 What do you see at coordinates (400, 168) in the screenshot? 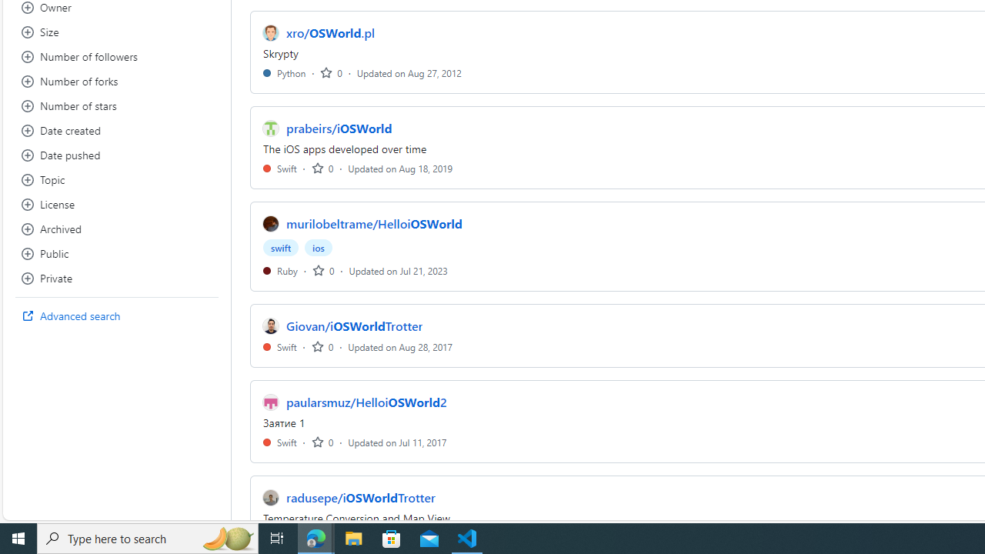
I see `'Updated on Aug 18, 2019'` at bounding box center [400, 168].